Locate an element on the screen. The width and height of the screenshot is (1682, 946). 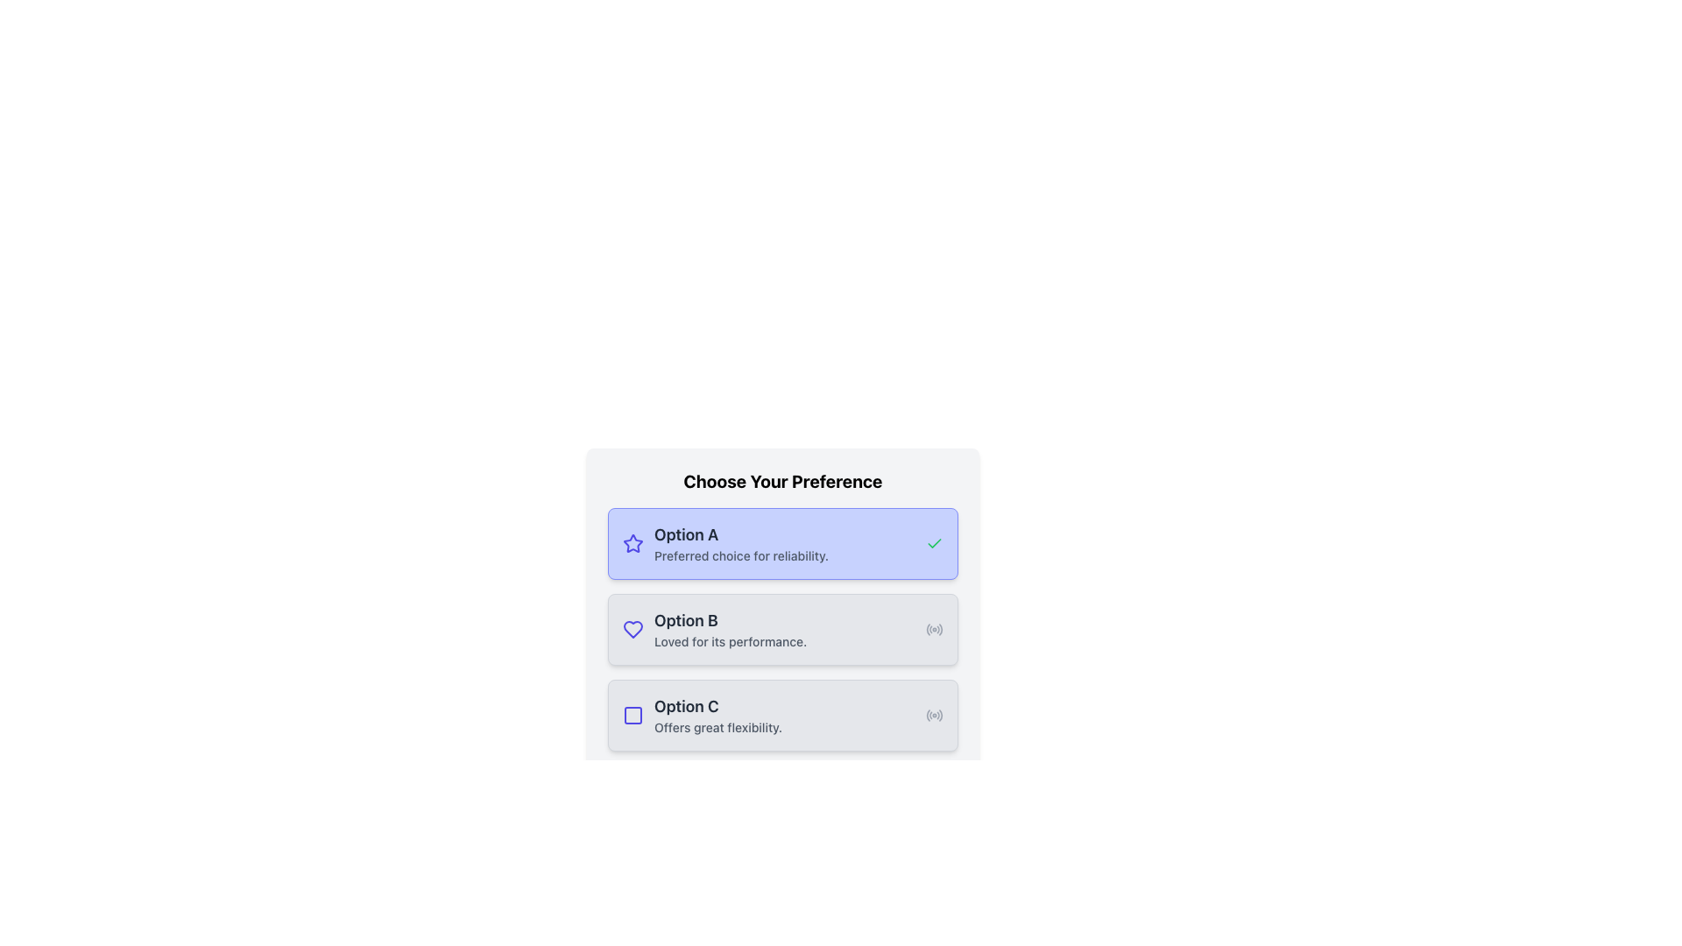
the icon that visually indicates the 'Option A' choice, which is located to the left of the text 'Option A' within its card is located at coordinates (633, 543).